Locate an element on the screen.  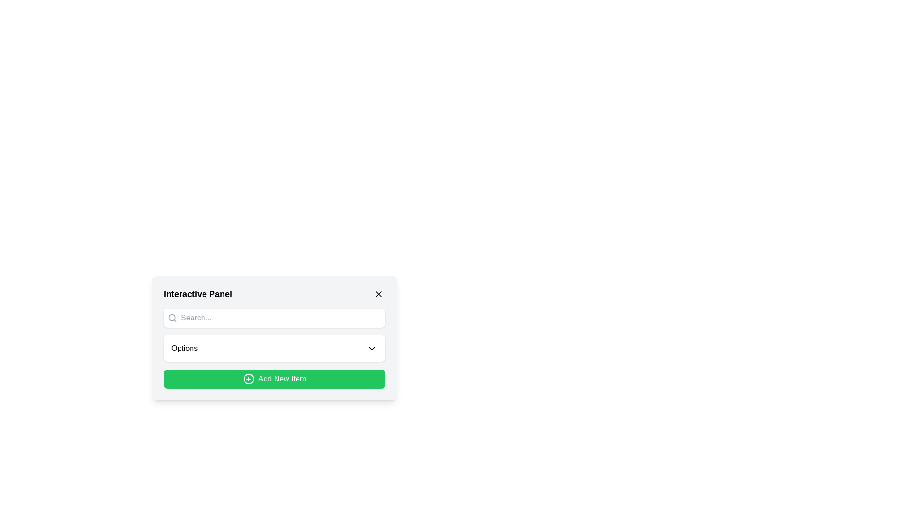
the Close Button located at the top-right corner of the Interactive Panel is located at coordinates (378, 294).